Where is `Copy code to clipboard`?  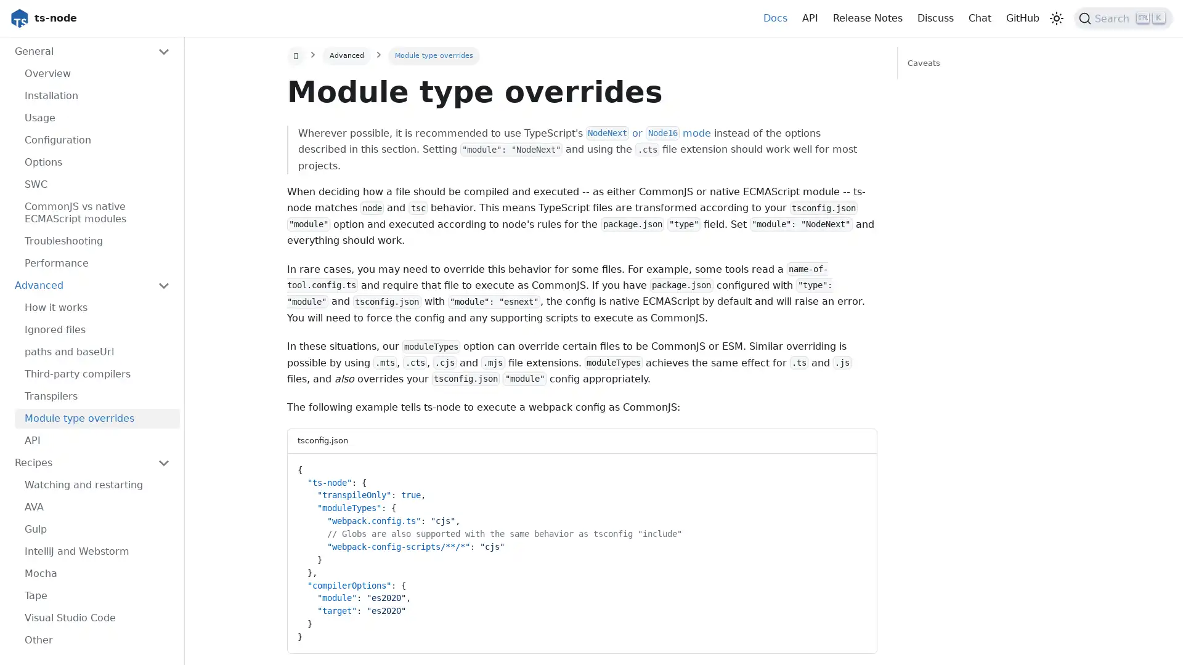
Copy code to clipboard is located at coordinates (856, 467).